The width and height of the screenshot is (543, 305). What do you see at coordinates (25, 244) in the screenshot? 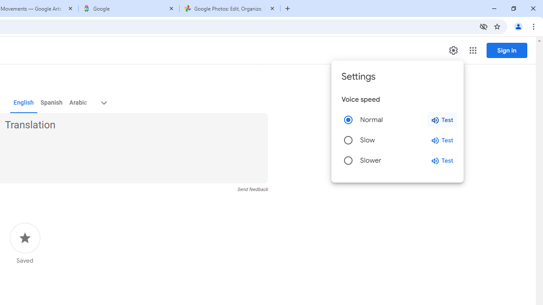
I see `'Saved'` at bounding box center [25, 244].